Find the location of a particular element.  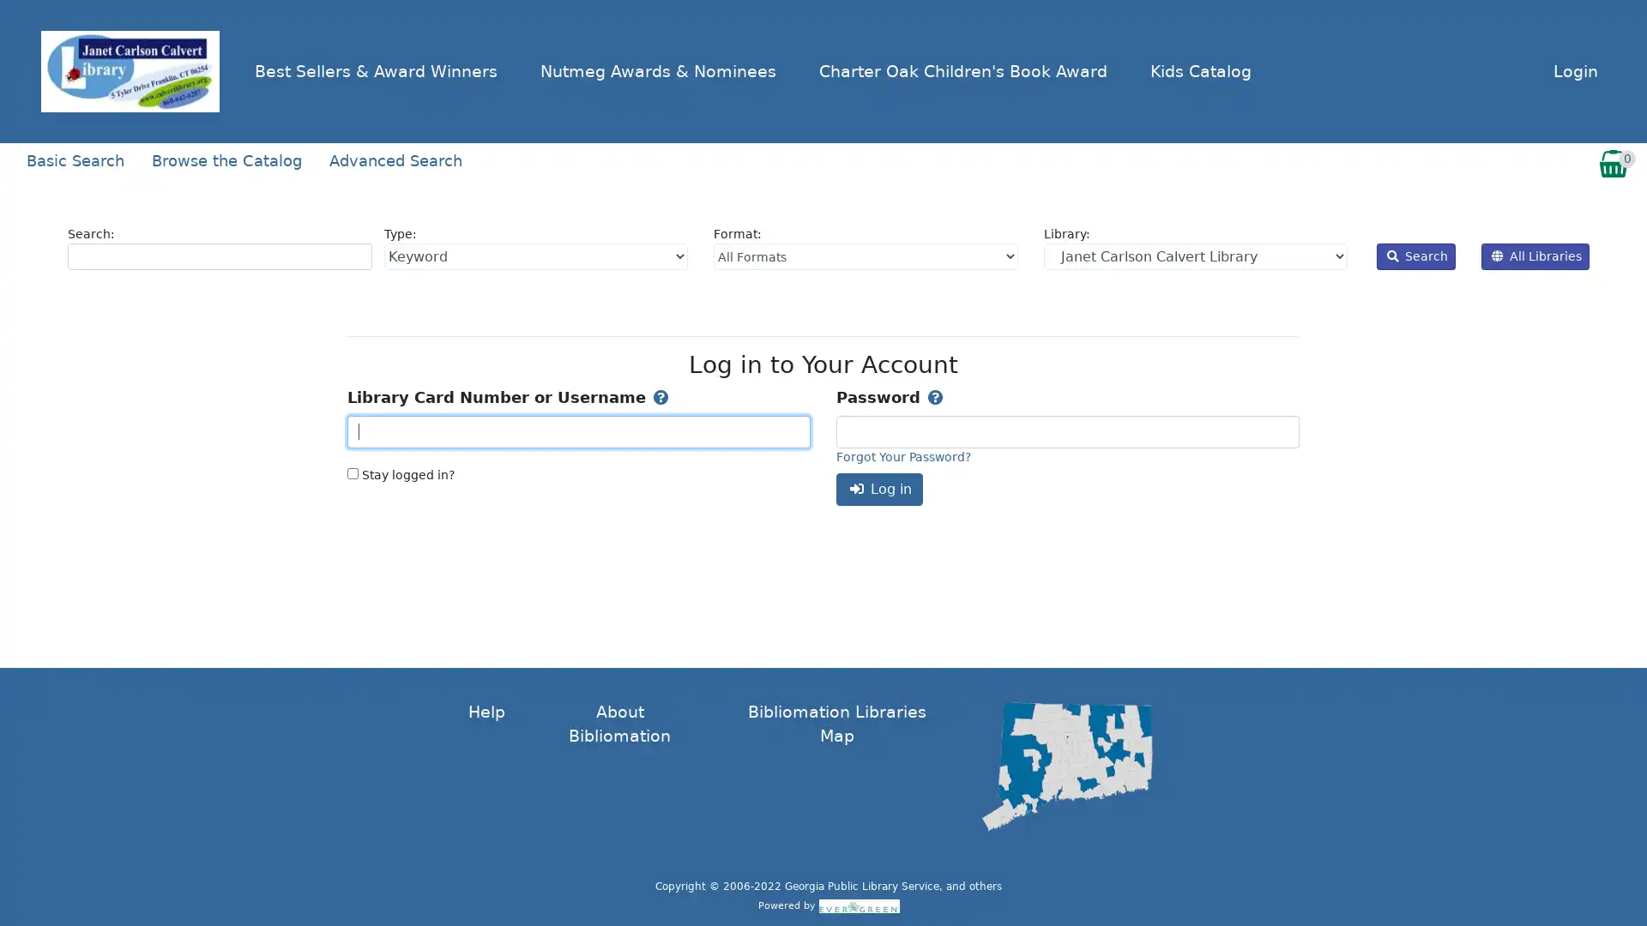

Search is located at coordinates (1416, 256).